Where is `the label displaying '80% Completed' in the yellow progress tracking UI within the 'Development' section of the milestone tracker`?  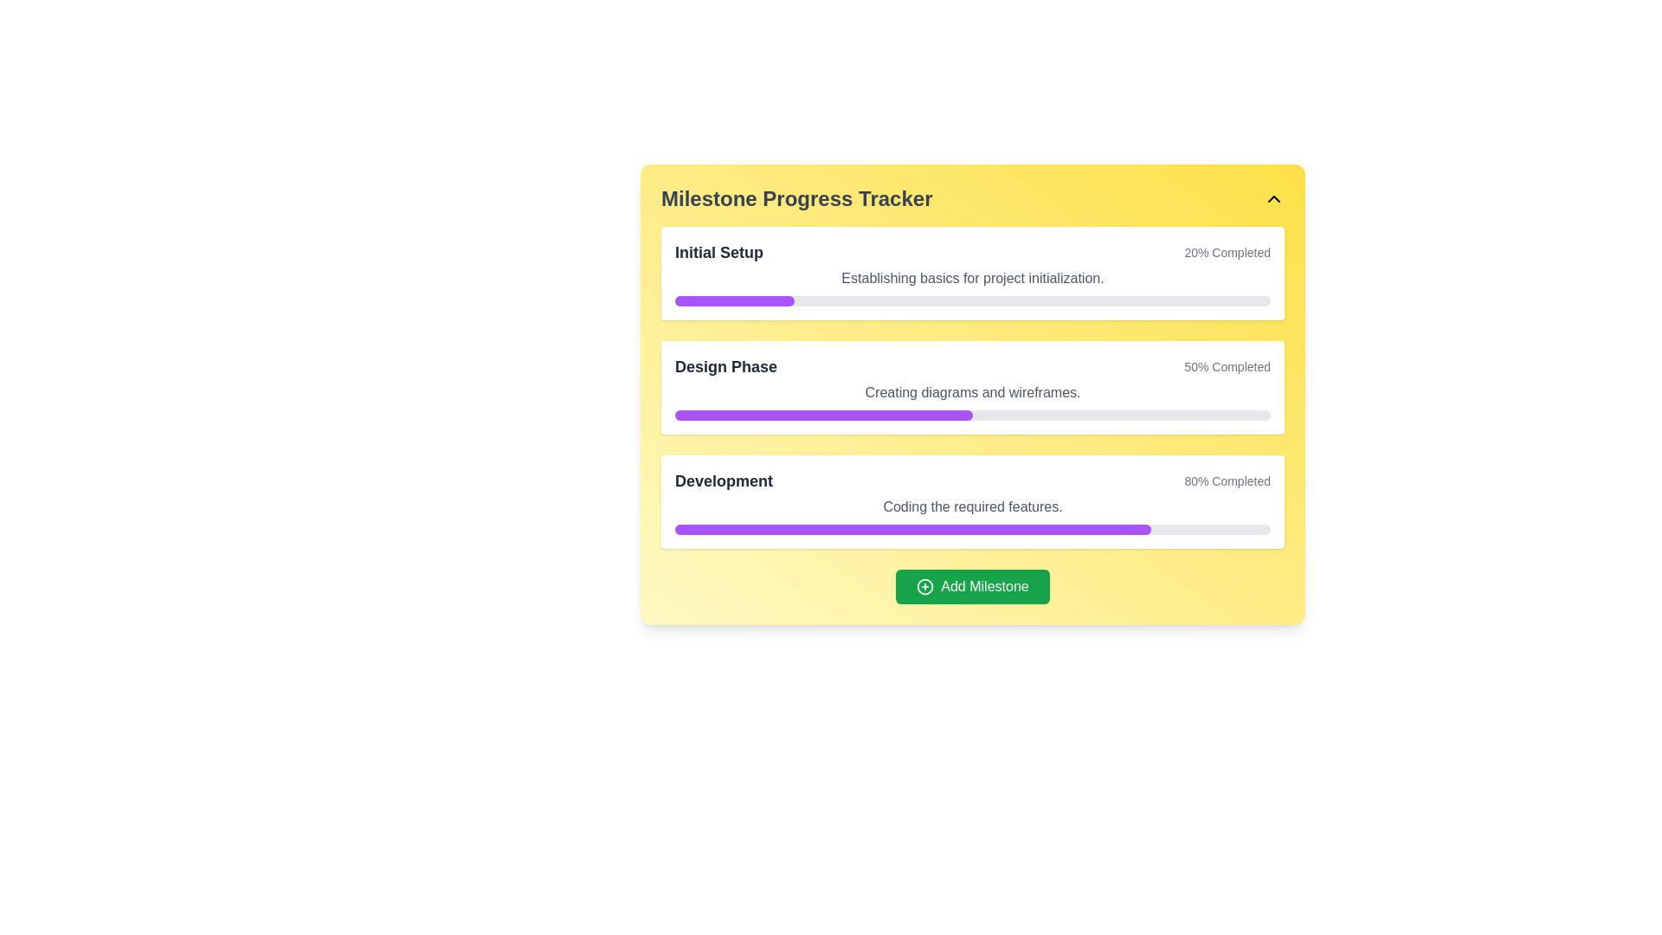 the label displaying '80% Completed' in the yellow progress tracking UI within the 'Development' section of the milestone tracker is located at coordinates (1227, 480).